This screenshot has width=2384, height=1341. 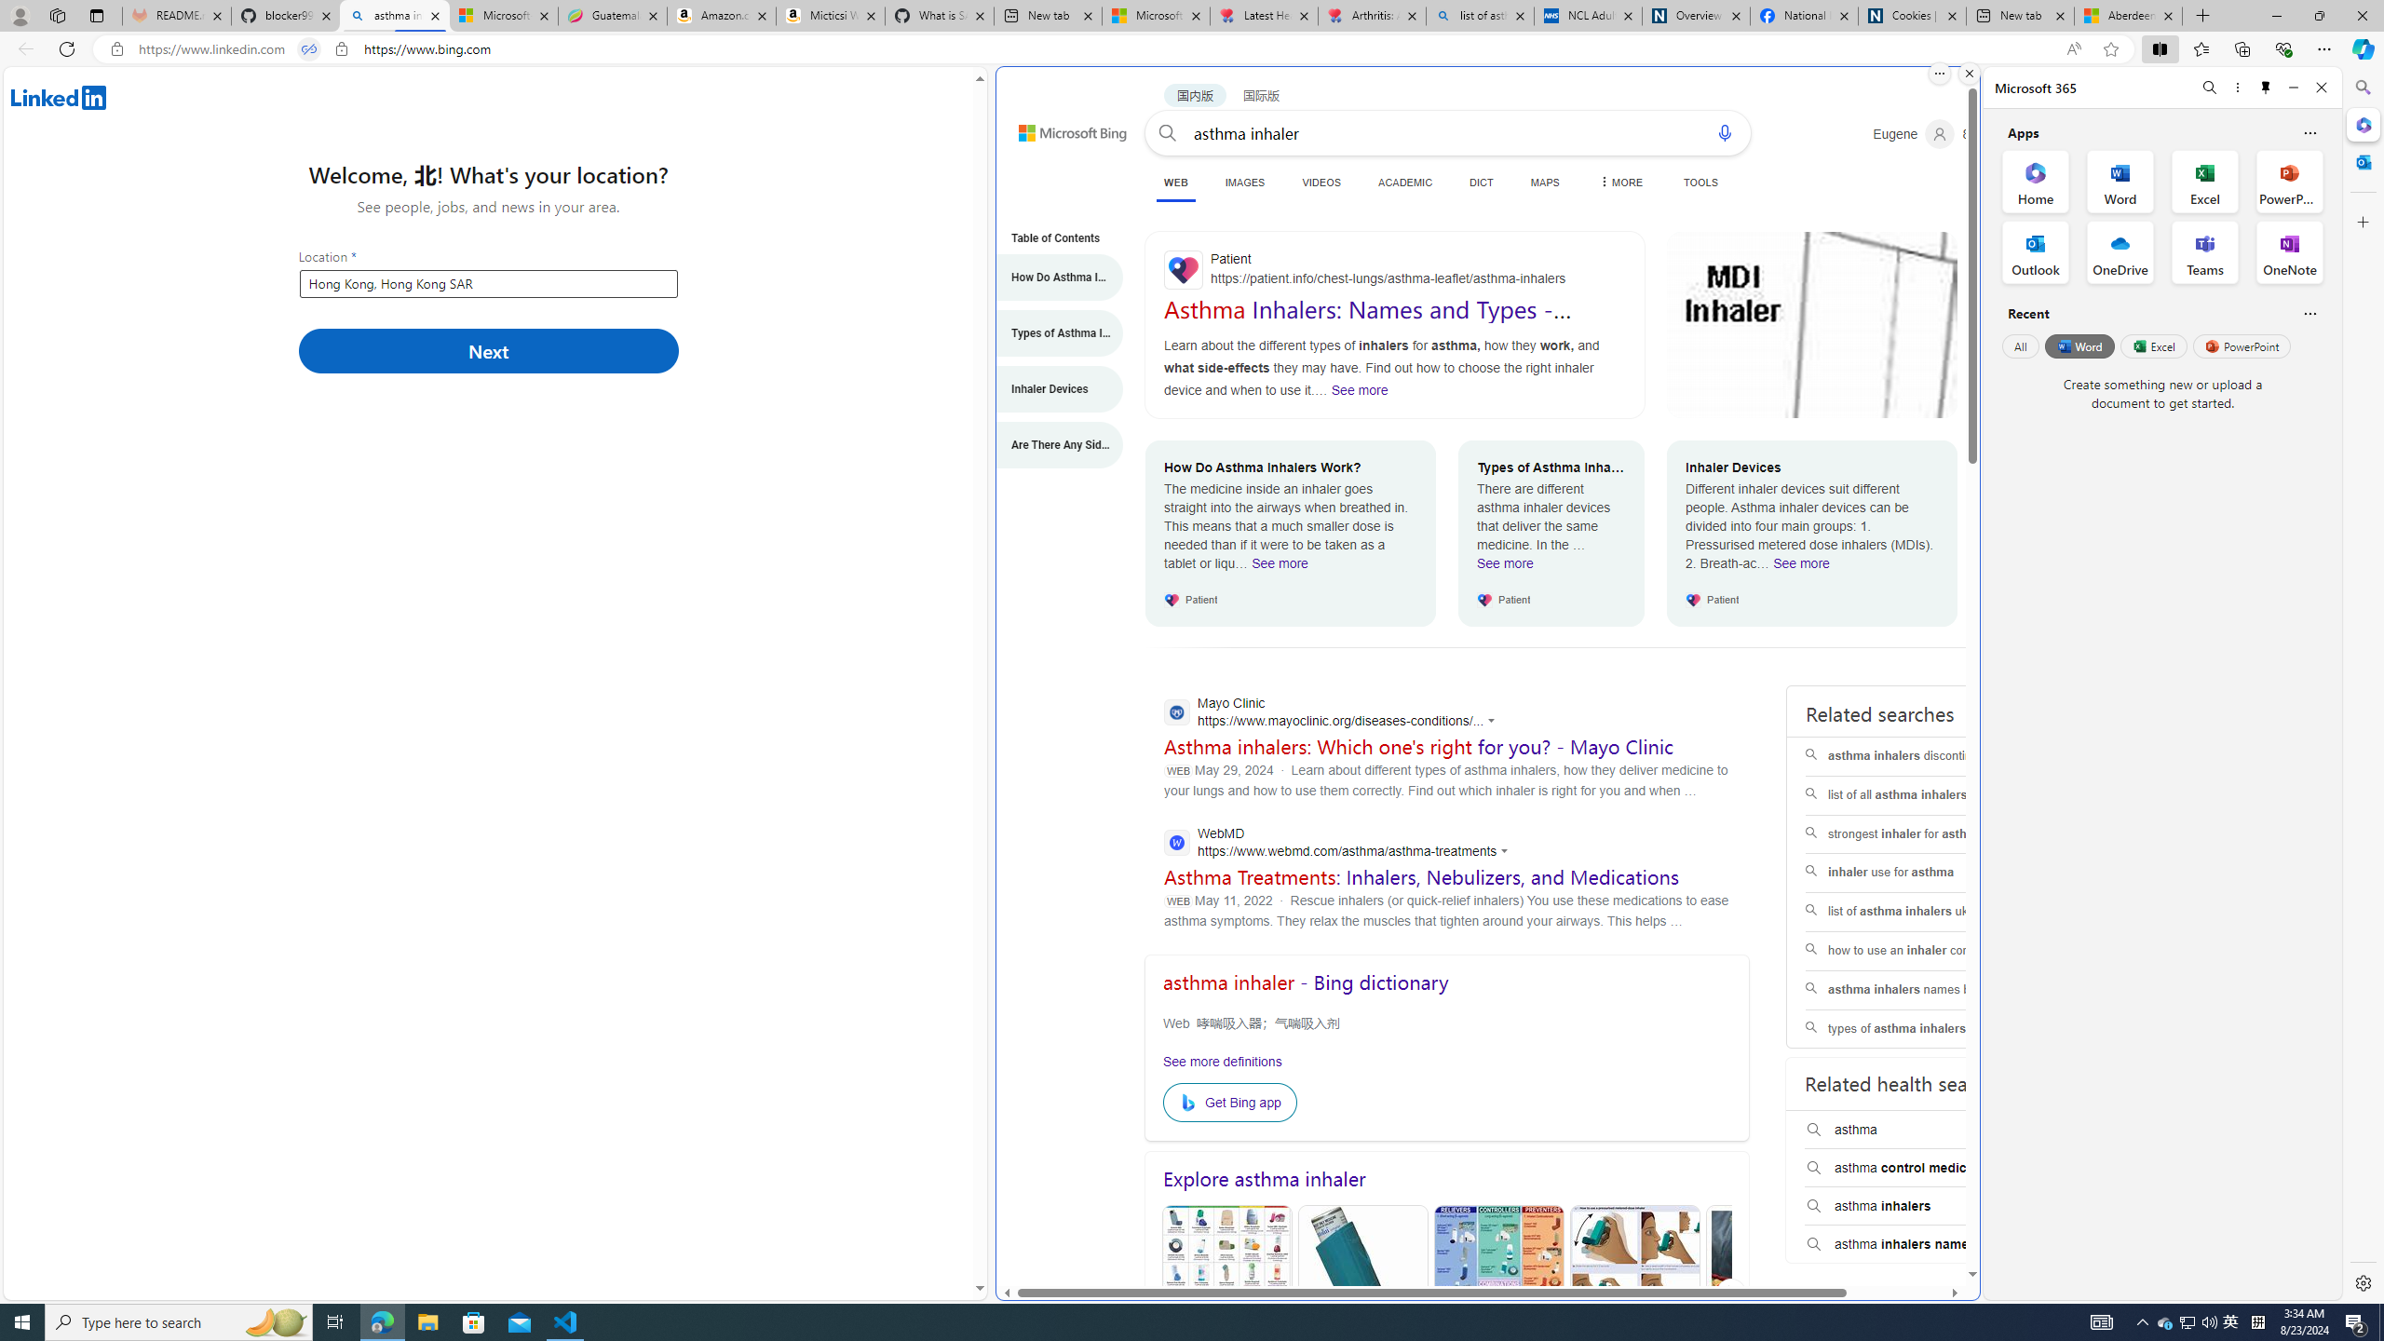 I want to click on 'inhaler use for asthma', so click(x=1922, y=874).